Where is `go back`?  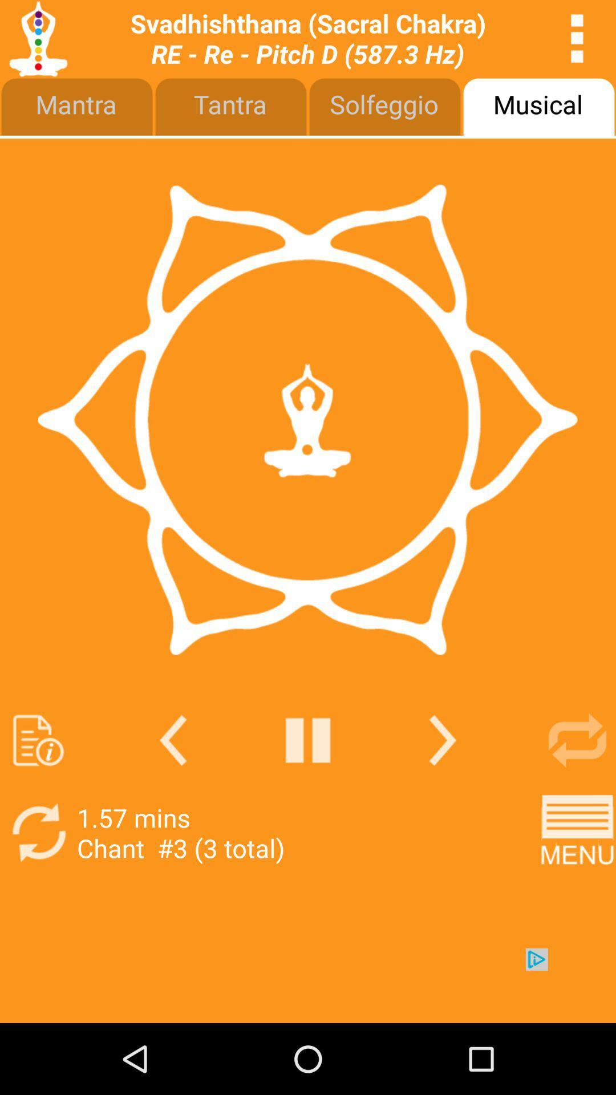
go back is located at coordinates (173, 740).